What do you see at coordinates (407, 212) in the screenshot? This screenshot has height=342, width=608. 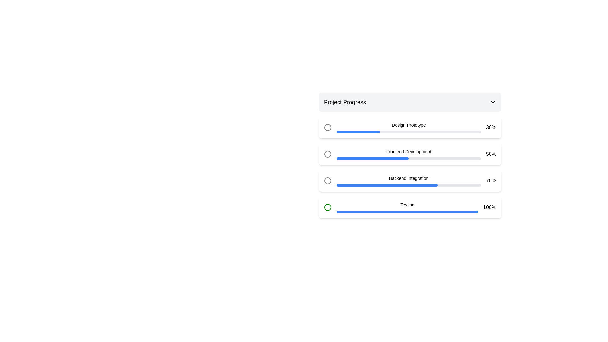 I see `the Progress bar indicating the completion status of the 'Testing' task, which is located at the bottom of the list of progress bars` at bounding box center [407, 212].